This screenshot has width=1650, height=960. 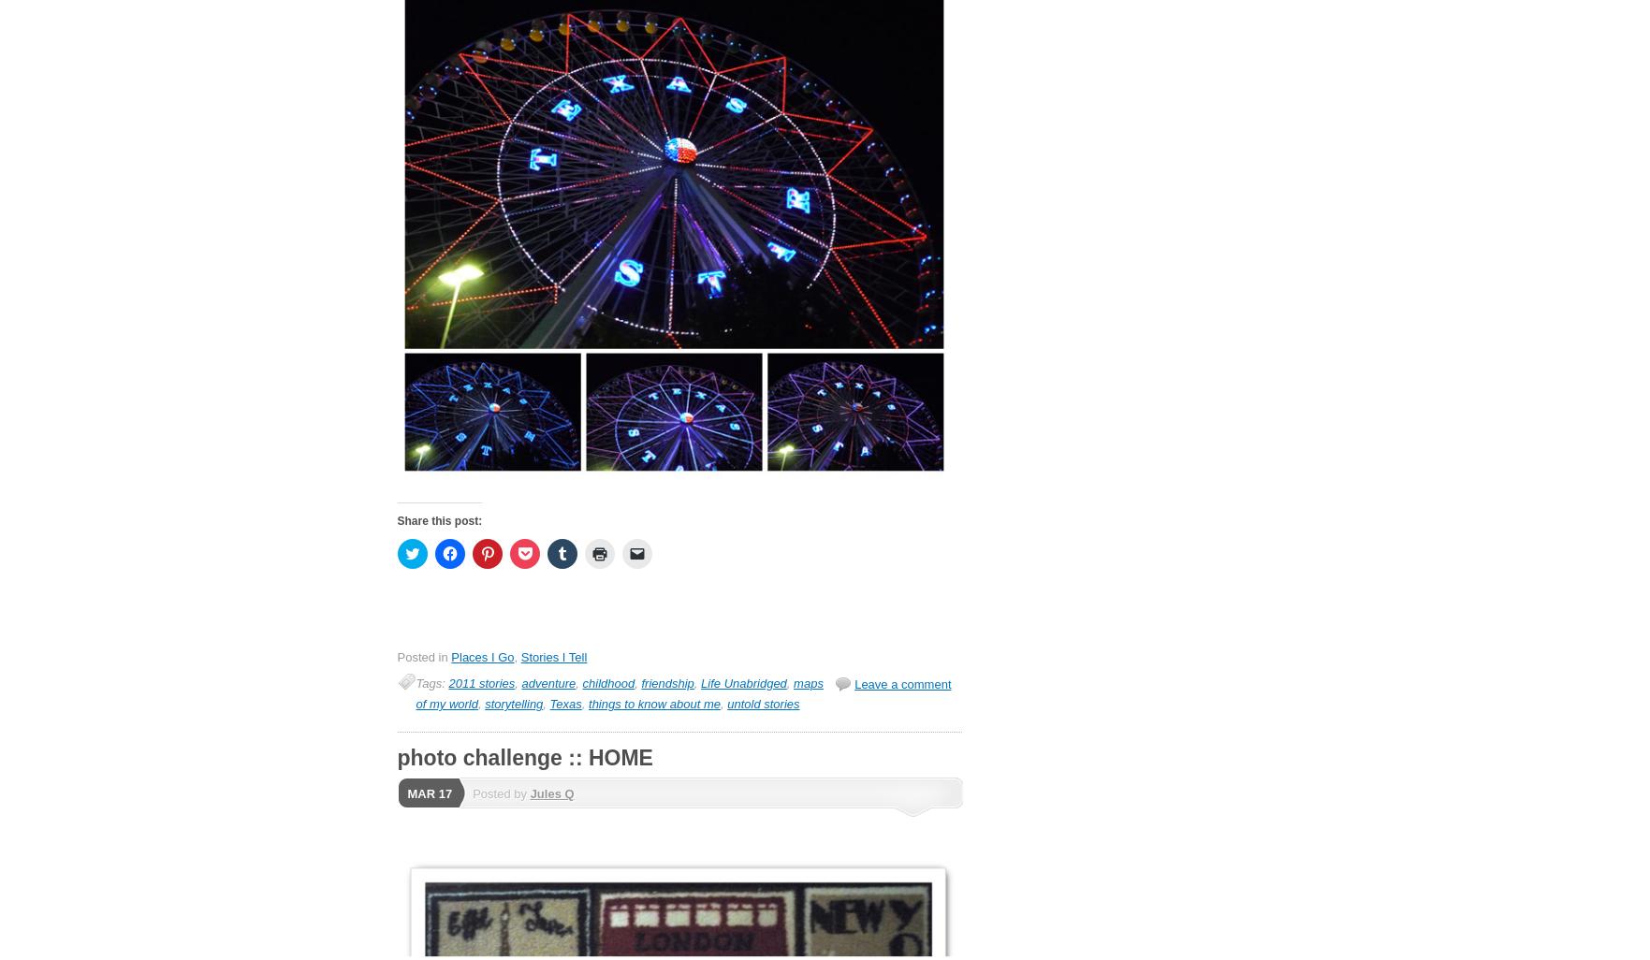 I want to click on '2011 stories', so click(x=481, y=683).